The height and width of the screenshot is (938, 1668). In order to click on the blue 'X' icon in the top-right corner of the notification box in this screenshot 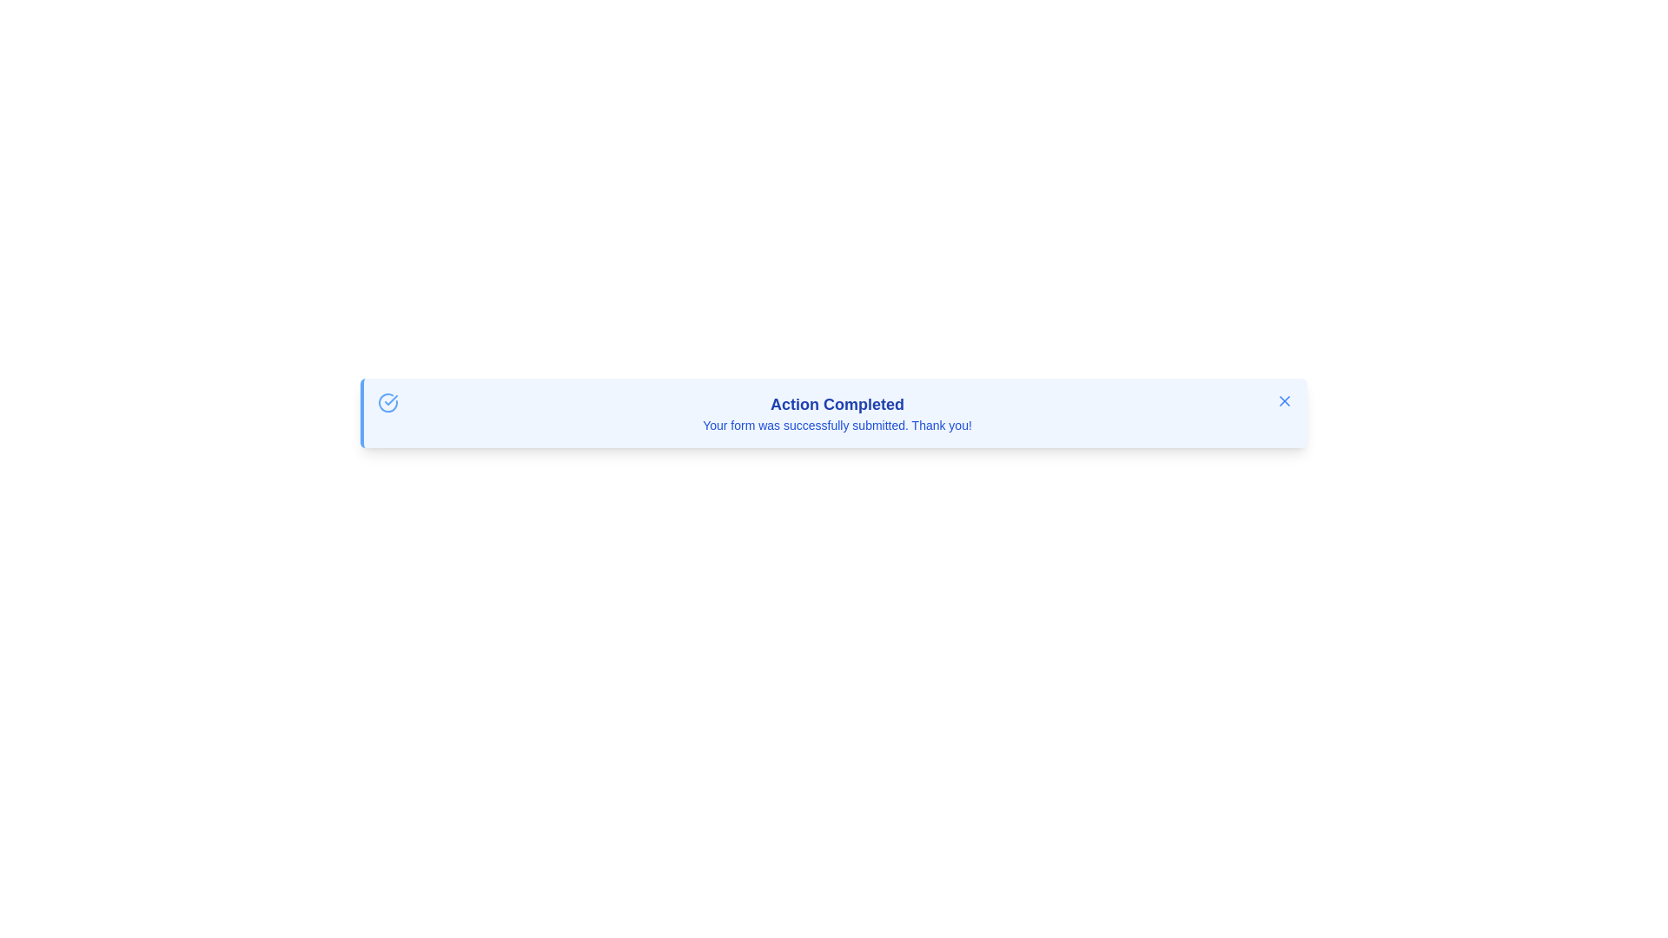, I will do `click(1284, 401)`.